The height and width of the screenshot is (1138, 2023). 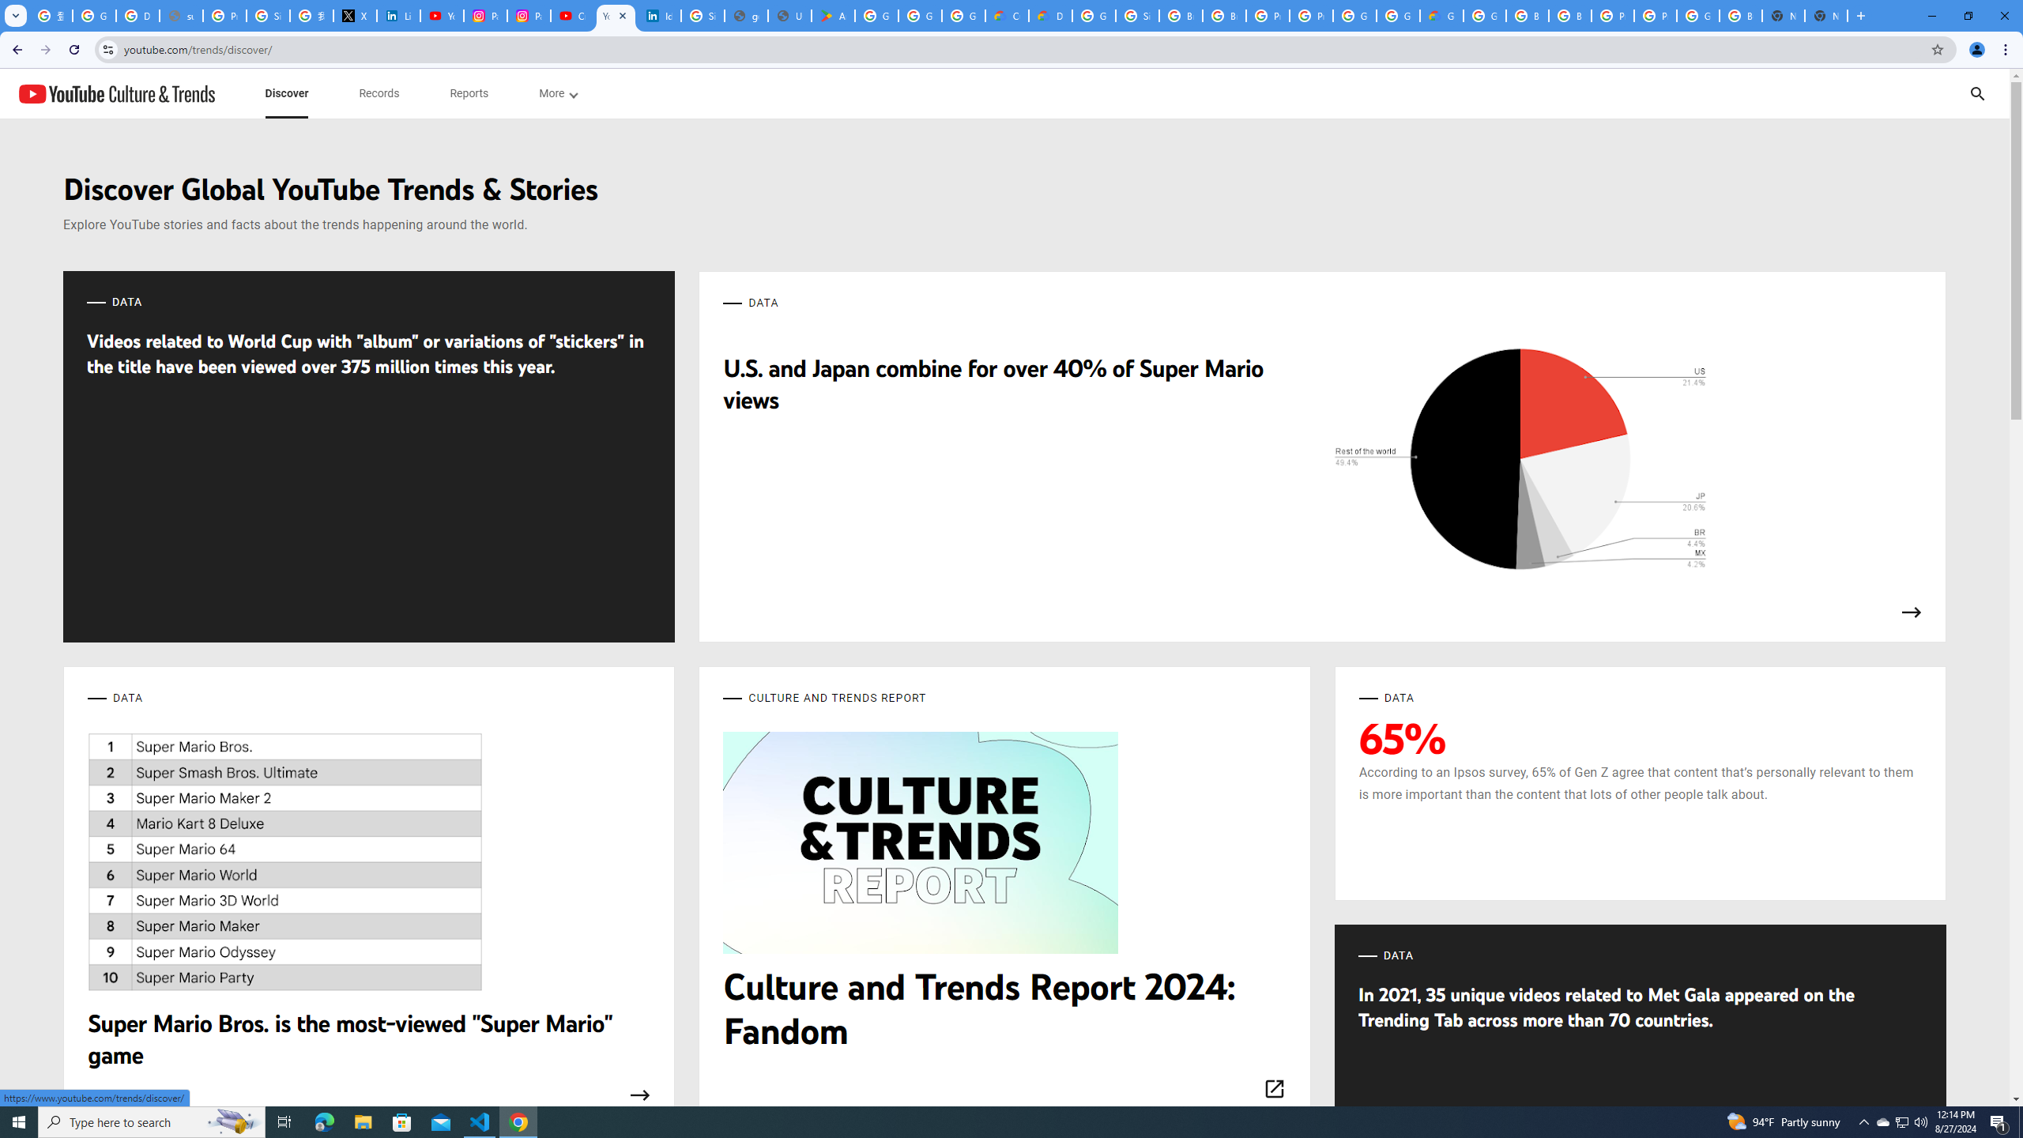 What do you see at coordinates (468, 93) in the screenshot?
I see `'subnav-Reports menupopup'` at bounding box center [468, 93].